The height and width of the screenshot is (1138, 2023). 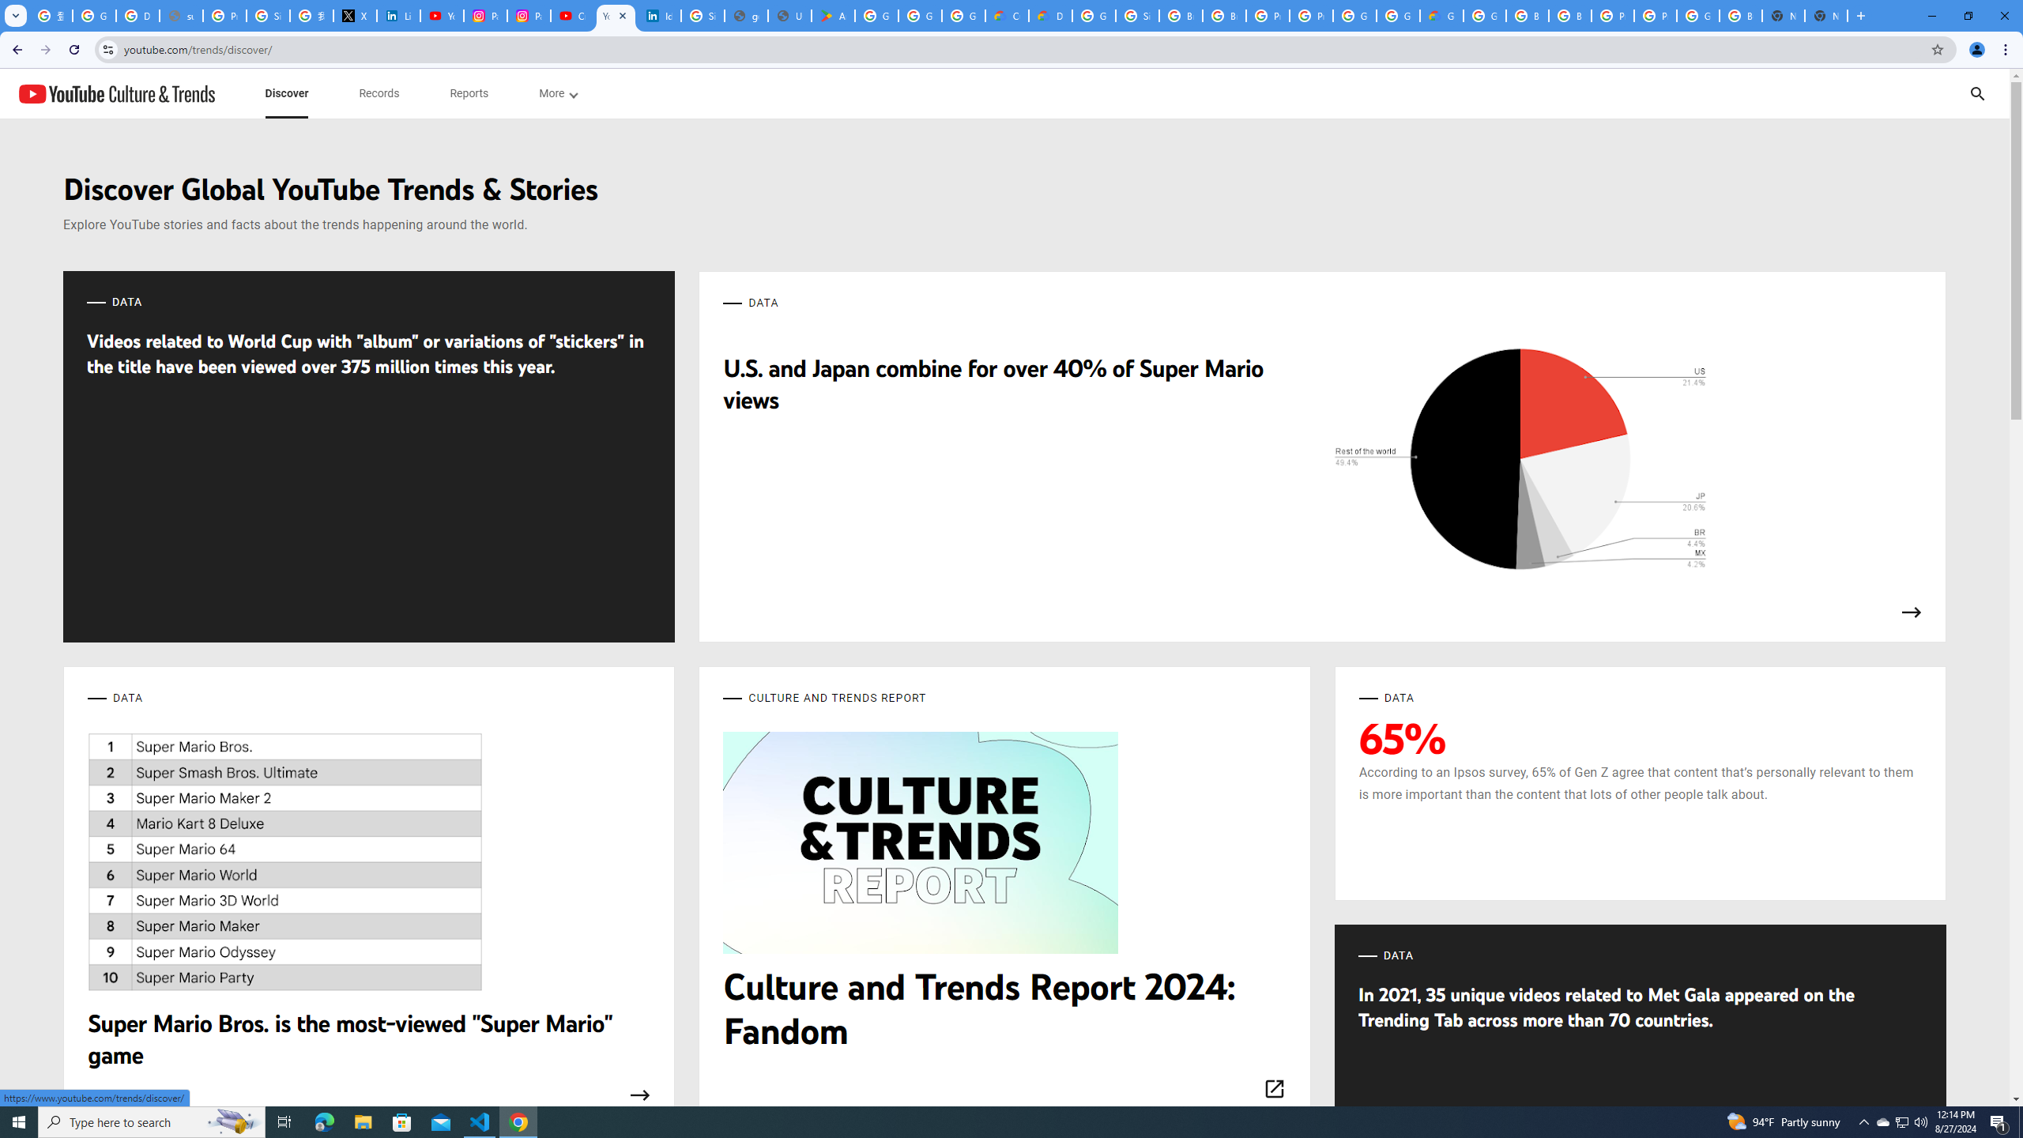 What do you see at coordinates (468, 93) in the screenshot?
I see `'subnav-Reports menupopup'` at bounding box center [468, 93].